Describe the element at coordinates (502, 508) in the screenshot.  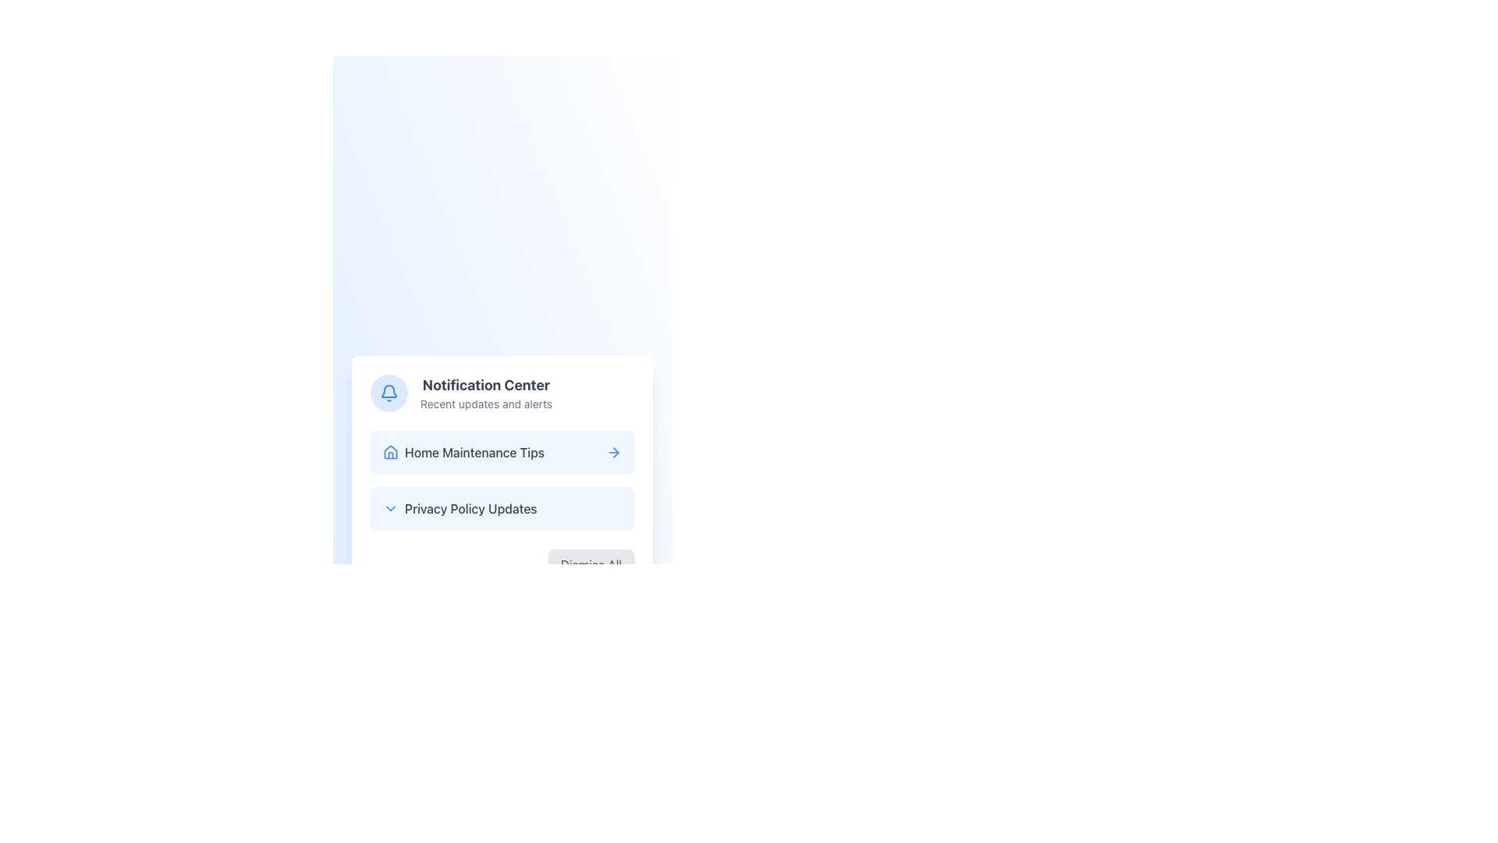
I see `the Collapsible List Item Header` at that location.